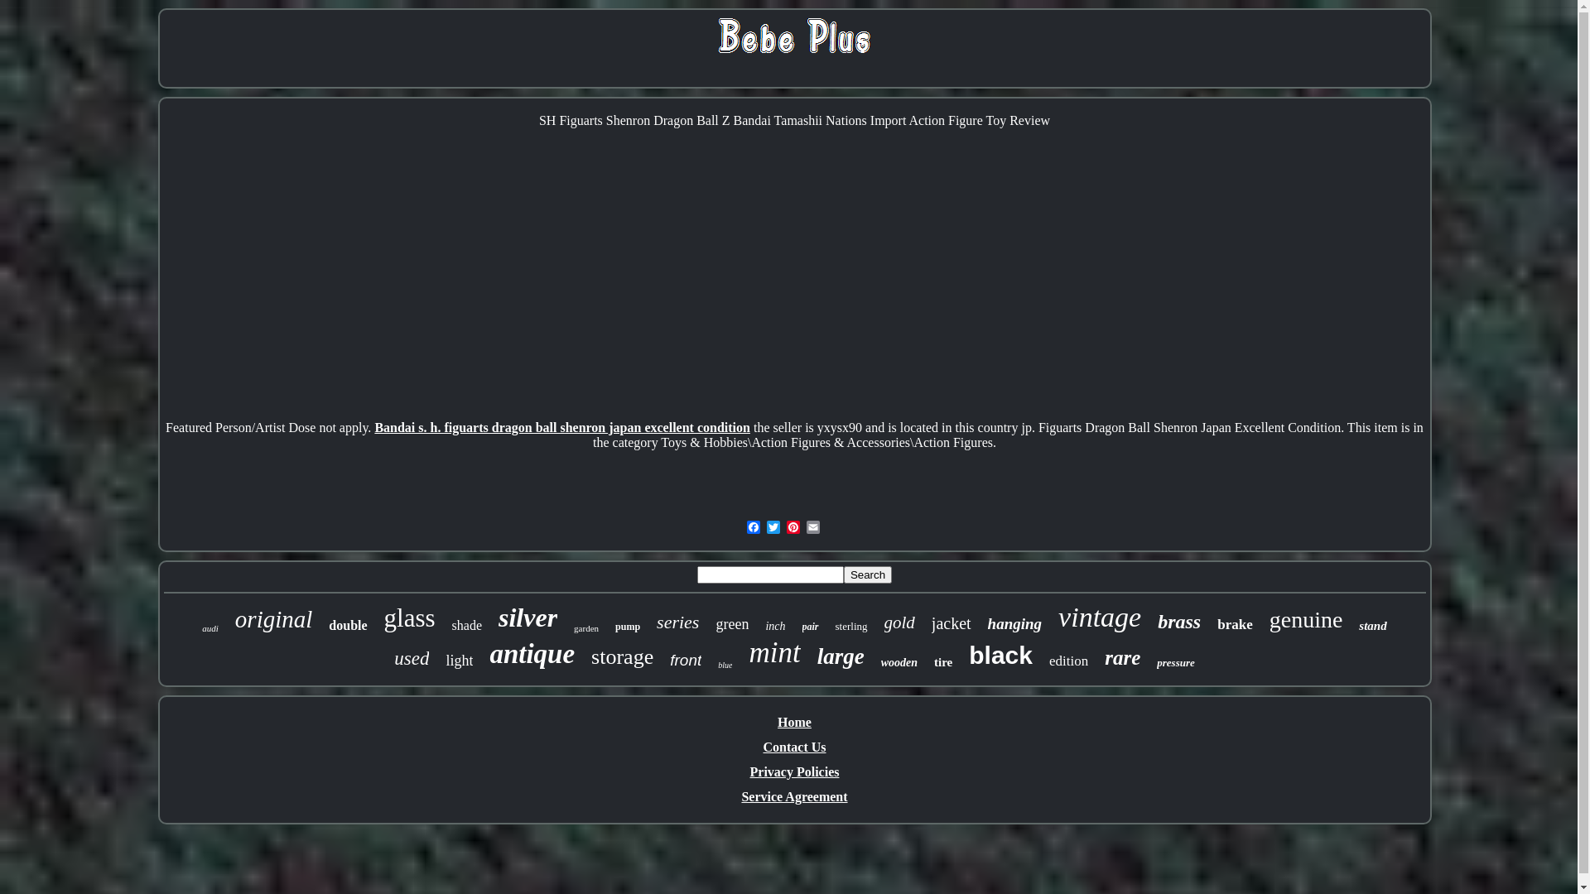  I want to click on 'wooden', so click(898, 662).